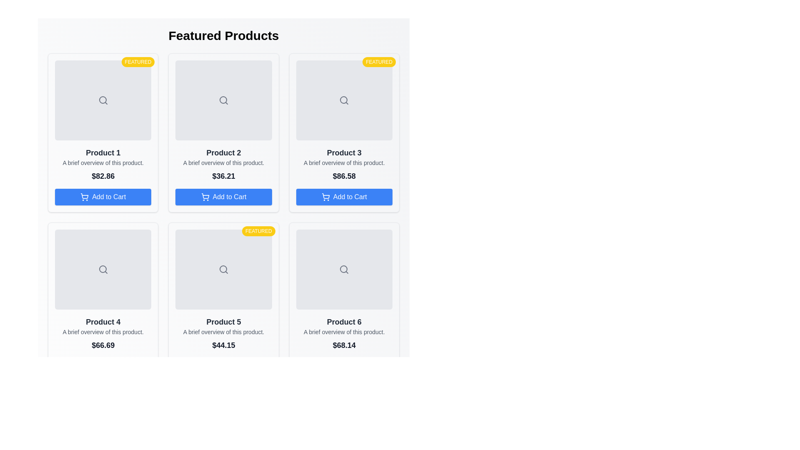 The width and height of the screenshot is (800, 450). What do you see at coordinates (344, 152) in the screenshot?
I see `text label 'Product 3' which is styled in bold, medium-large font size and located in the third column of the first row in the product grid` at bounding box center [344, 152].